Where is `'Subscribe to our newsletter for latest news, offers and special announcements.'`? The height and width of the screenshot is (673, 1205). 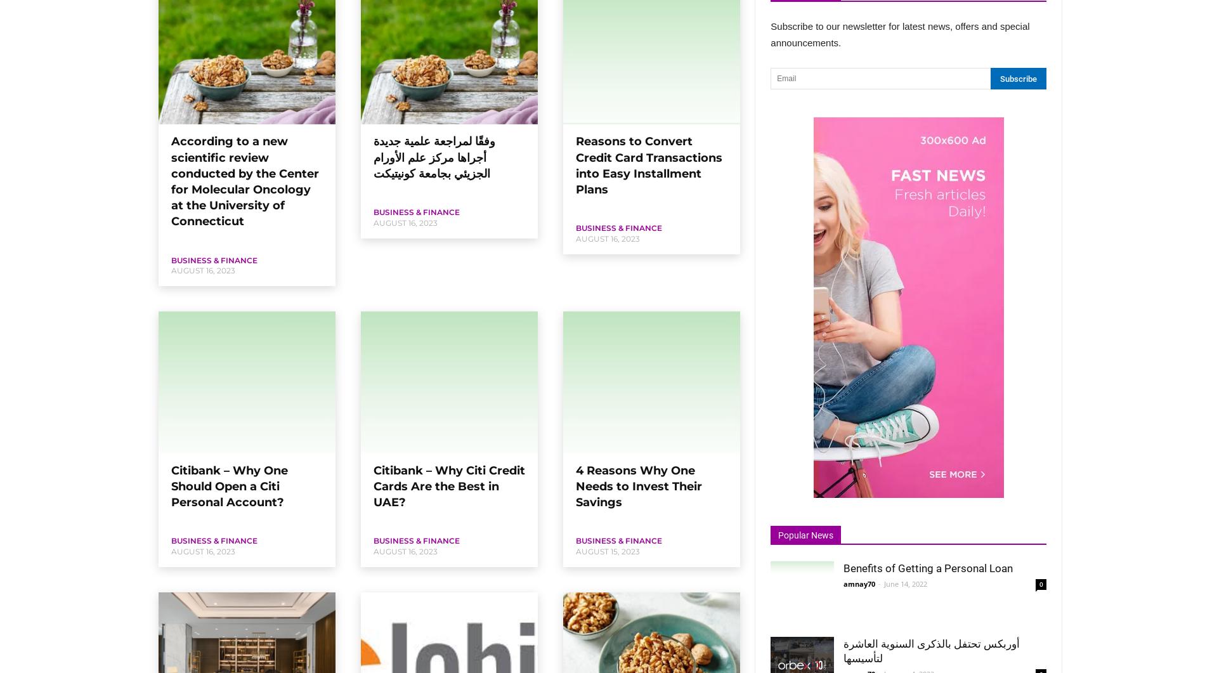
'Subscribe to our newsletter for latest news, offers and special announcements.' is located at coordinates (899, 34).